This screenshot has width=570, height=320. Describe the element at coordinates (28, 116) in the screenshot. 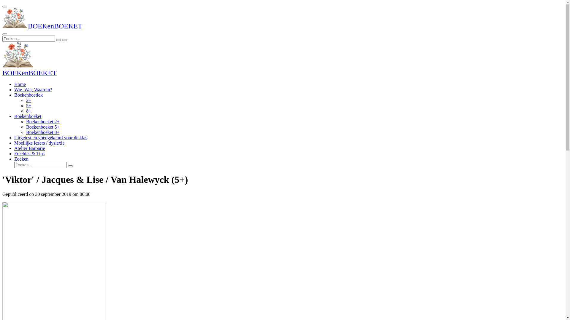

I see `'Boekenboeket'` at that location.